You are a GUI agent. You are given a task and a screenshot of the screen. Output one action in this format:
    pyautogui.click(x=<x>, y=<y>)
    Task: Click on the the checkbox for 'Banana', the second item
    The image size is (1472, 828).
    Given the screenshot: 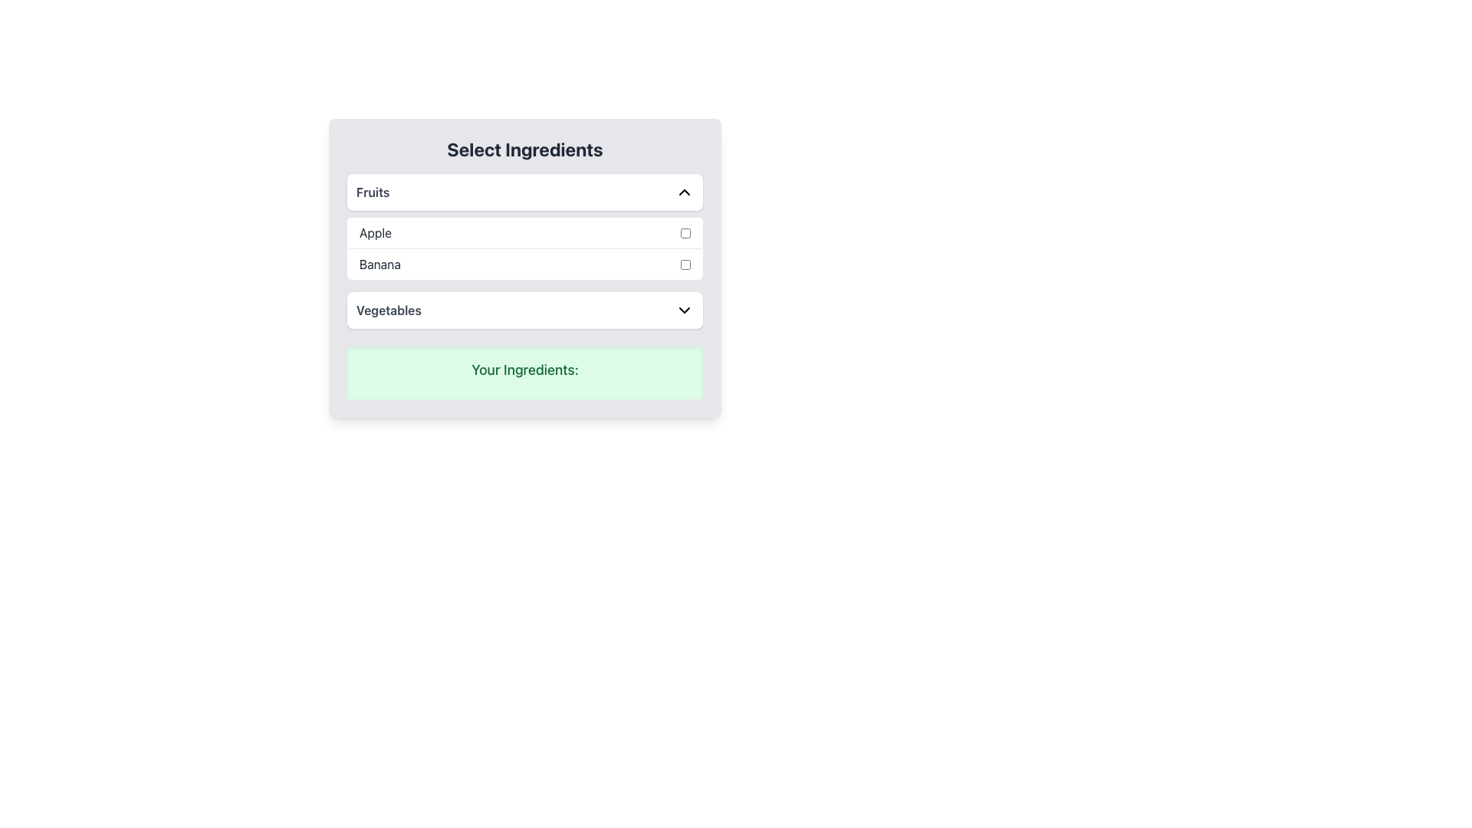 What is the action you would take?
    pyautogui.click(x=525, y=262)
    